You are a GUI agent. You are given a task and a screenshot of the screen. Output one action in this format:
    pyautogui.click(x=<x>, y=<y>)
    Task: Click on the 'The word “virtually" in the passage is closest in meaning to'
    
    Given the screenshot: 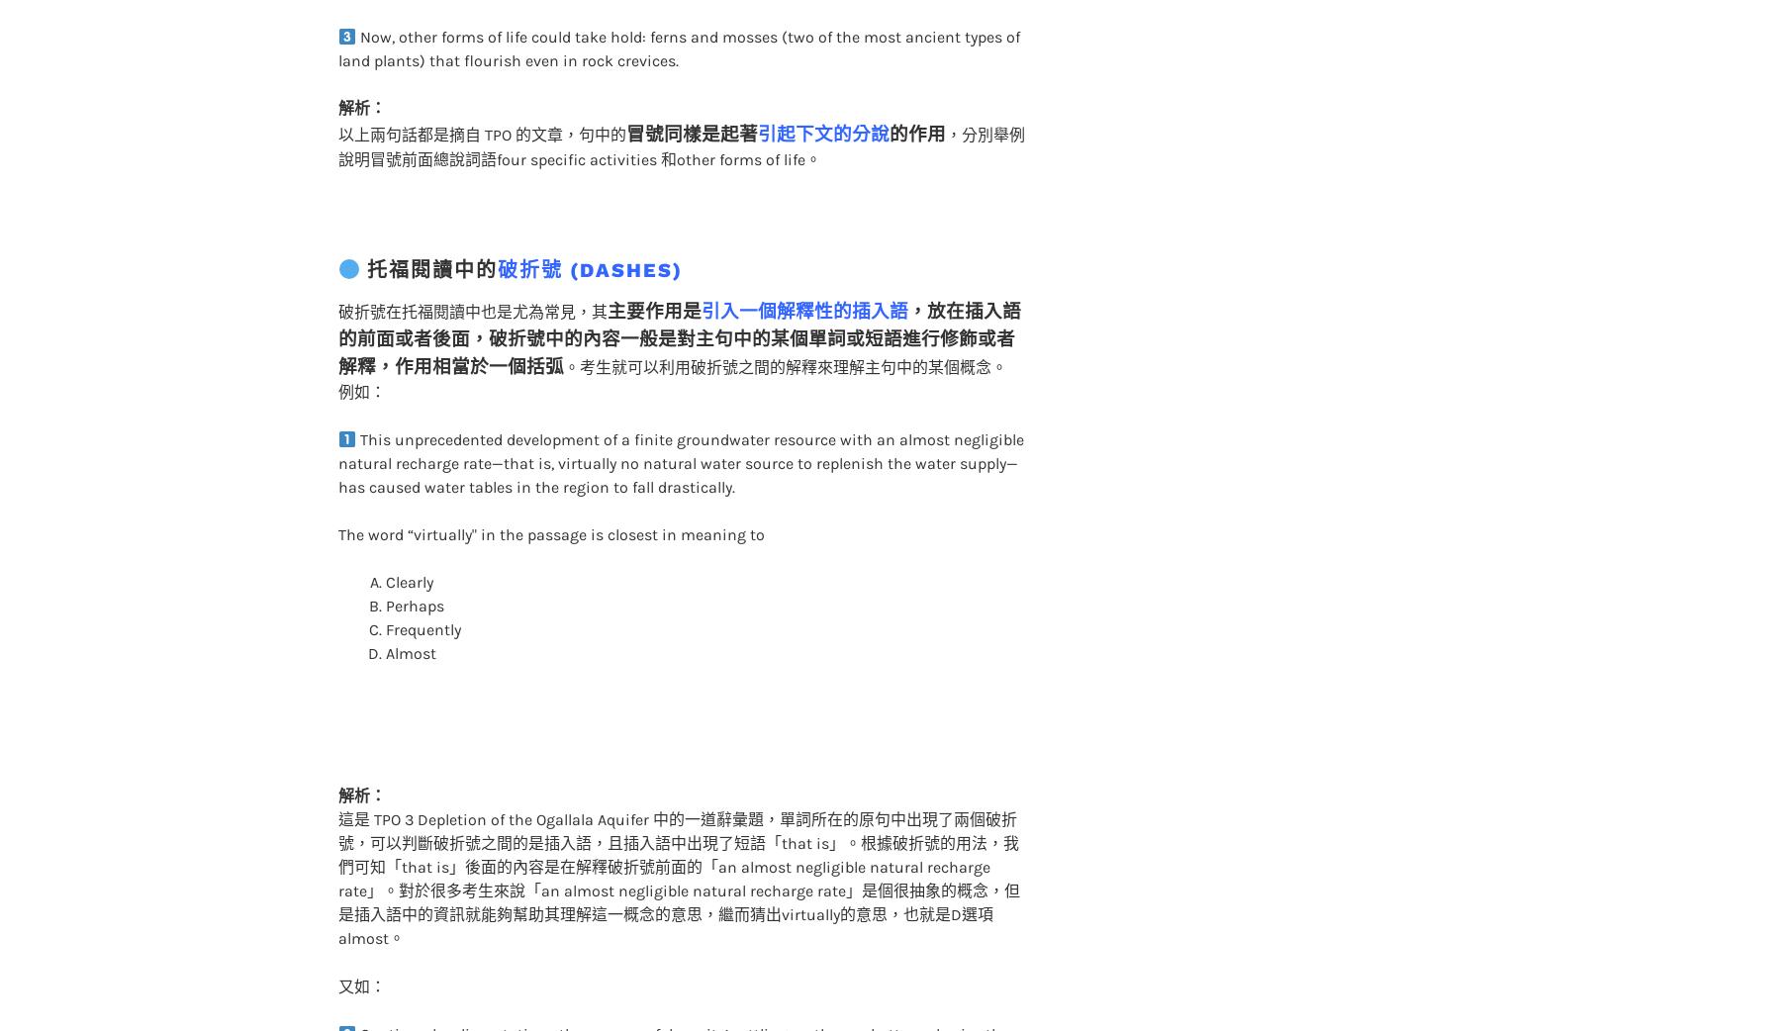 What is the action you would take?
    pyautogui.click(x=335, y=495)
    